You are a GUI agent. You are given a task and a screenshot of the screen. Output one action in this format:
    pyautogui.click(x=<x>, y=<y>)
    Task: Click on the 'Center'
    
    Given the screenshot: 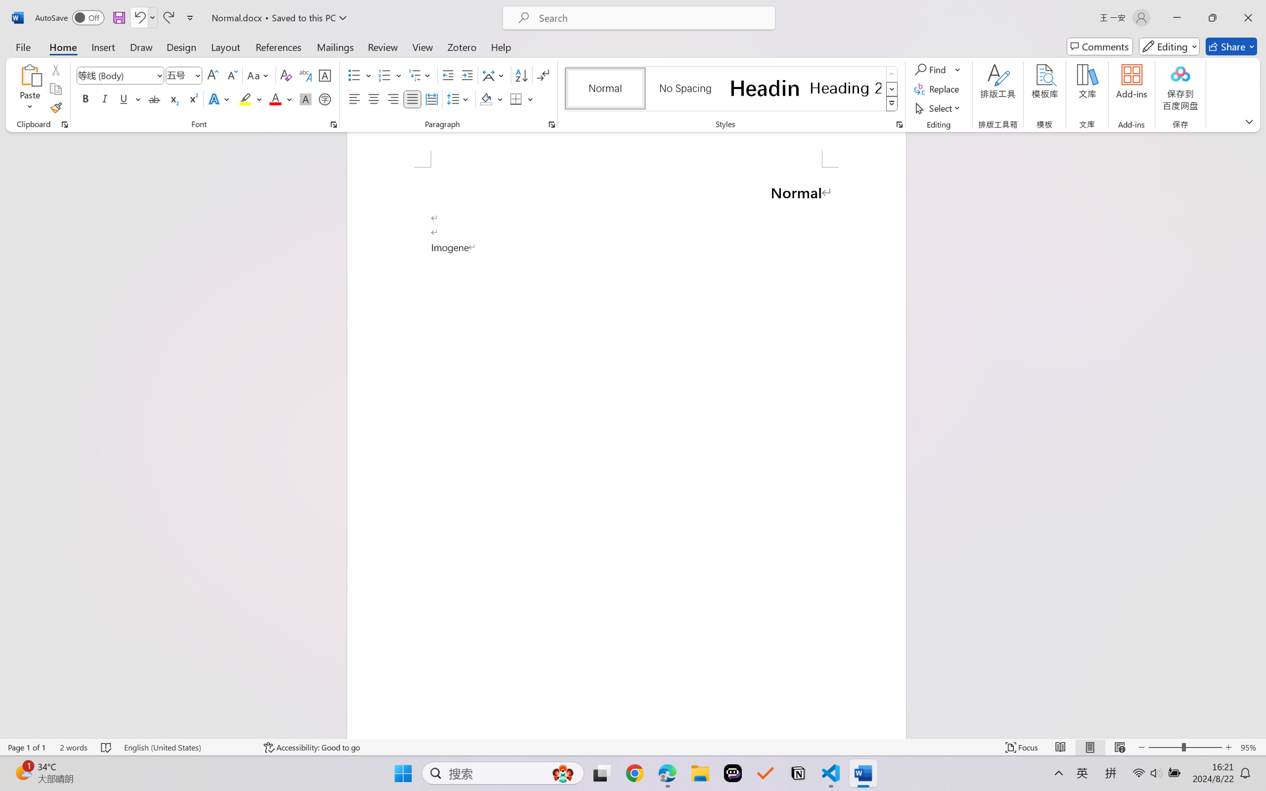 What is the action you would take?
    pyautogui.click(x=373, y=98)
    